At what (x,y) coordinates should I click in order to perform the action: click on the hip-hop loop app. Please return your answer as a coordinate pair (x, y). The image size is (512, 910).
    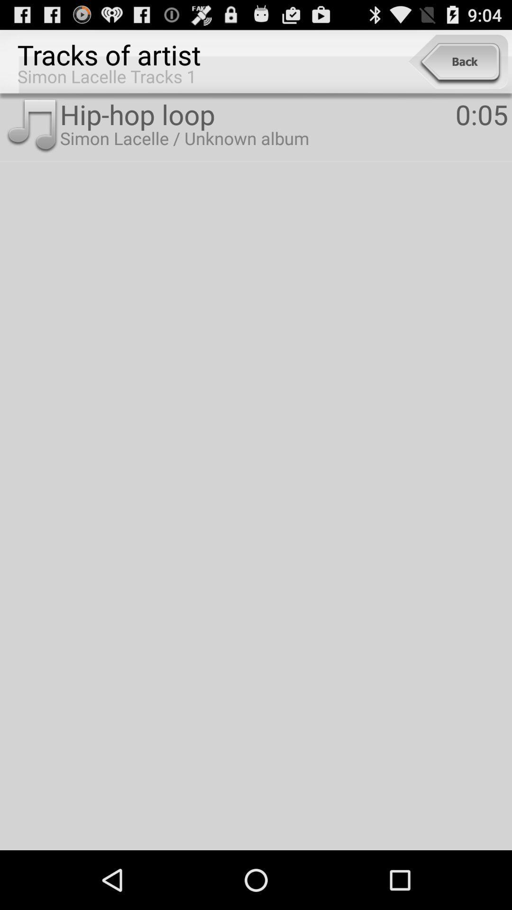
    Looking at the image, I should click on (257, 114).